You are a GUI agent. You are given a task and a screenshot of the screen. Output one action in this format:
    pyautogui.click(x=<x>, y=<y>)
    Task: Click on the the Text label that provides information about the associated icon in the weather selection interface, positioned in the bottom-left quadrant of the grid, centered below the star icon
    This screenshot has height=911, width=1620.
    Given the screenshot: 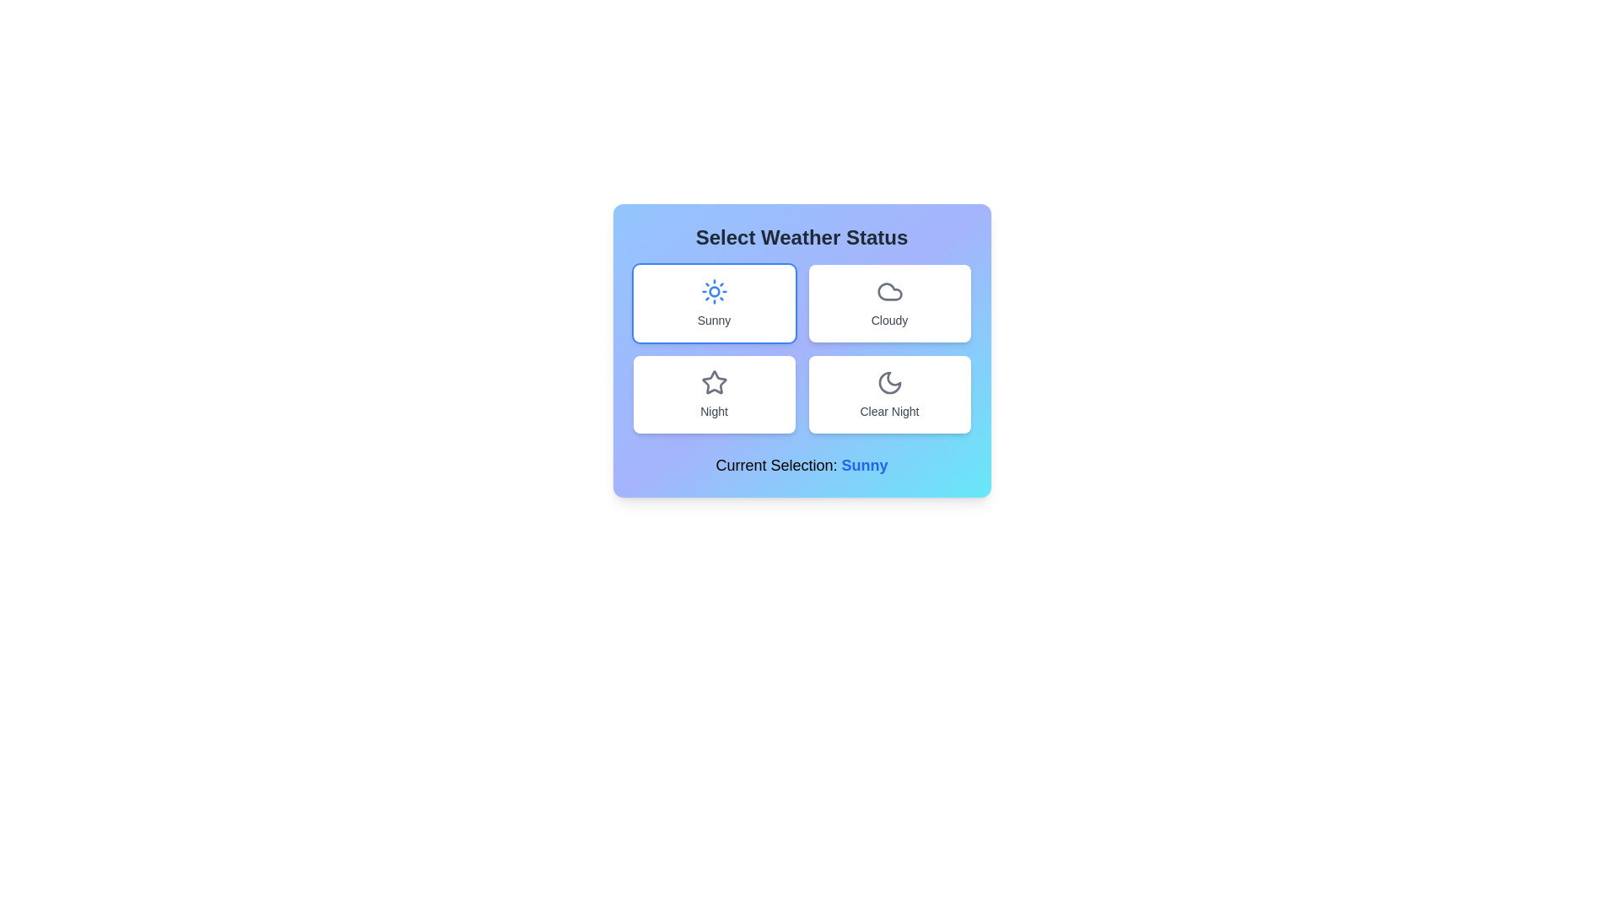 What is the action you would take?
    pyautogui.click(x=714, y=412)
    